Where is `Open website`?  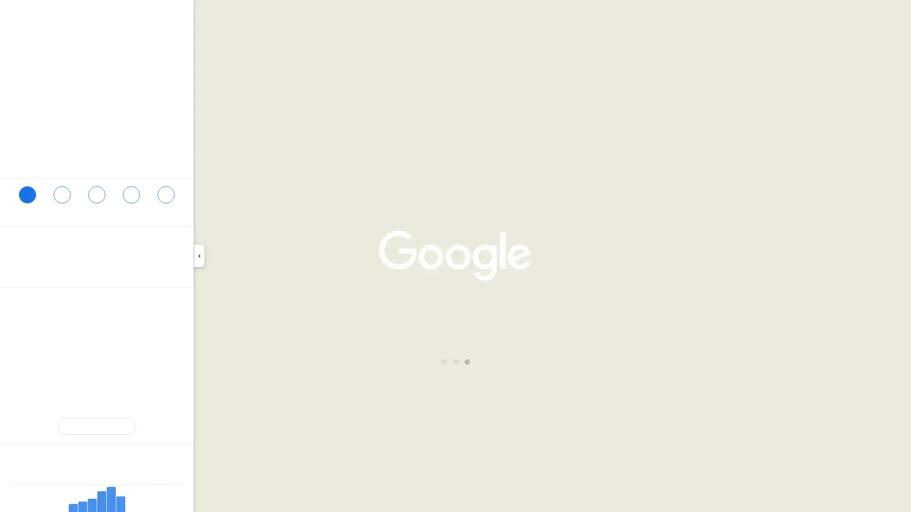
Open website is located at coordinates (163, 332).